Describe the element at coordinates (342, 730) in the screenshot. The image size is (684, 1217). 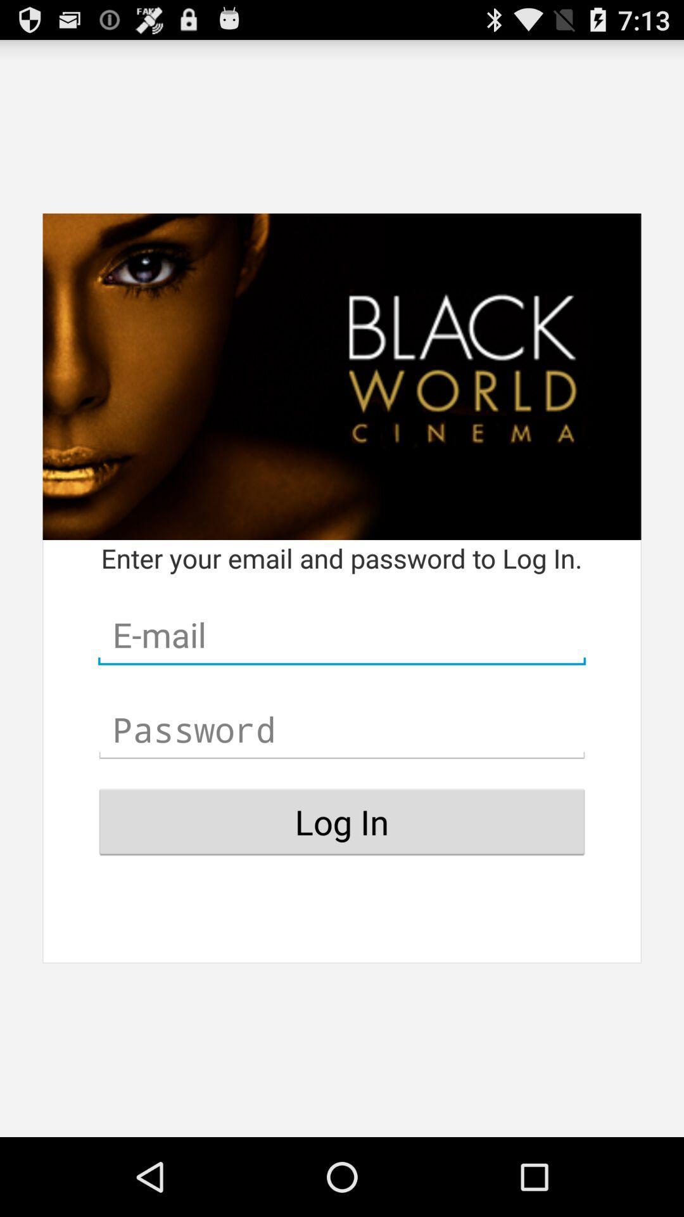
I see `password` at that location.